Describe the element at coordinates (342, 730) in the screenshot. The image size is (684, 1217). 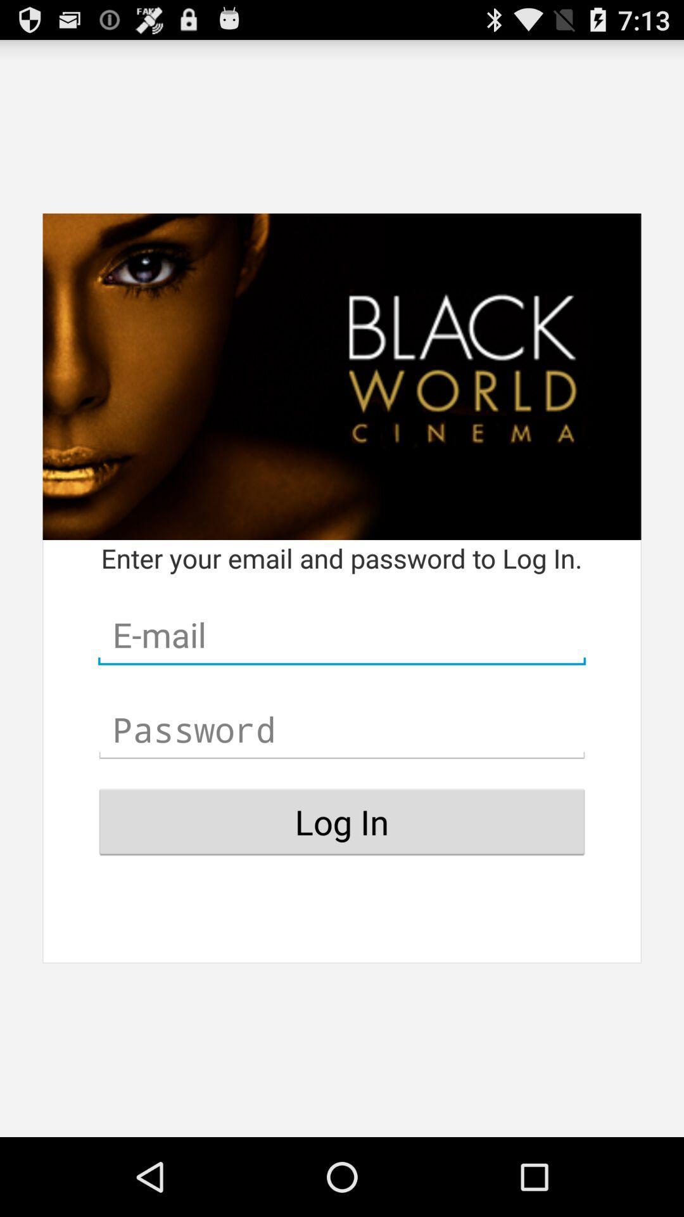
I see `password` at that location.